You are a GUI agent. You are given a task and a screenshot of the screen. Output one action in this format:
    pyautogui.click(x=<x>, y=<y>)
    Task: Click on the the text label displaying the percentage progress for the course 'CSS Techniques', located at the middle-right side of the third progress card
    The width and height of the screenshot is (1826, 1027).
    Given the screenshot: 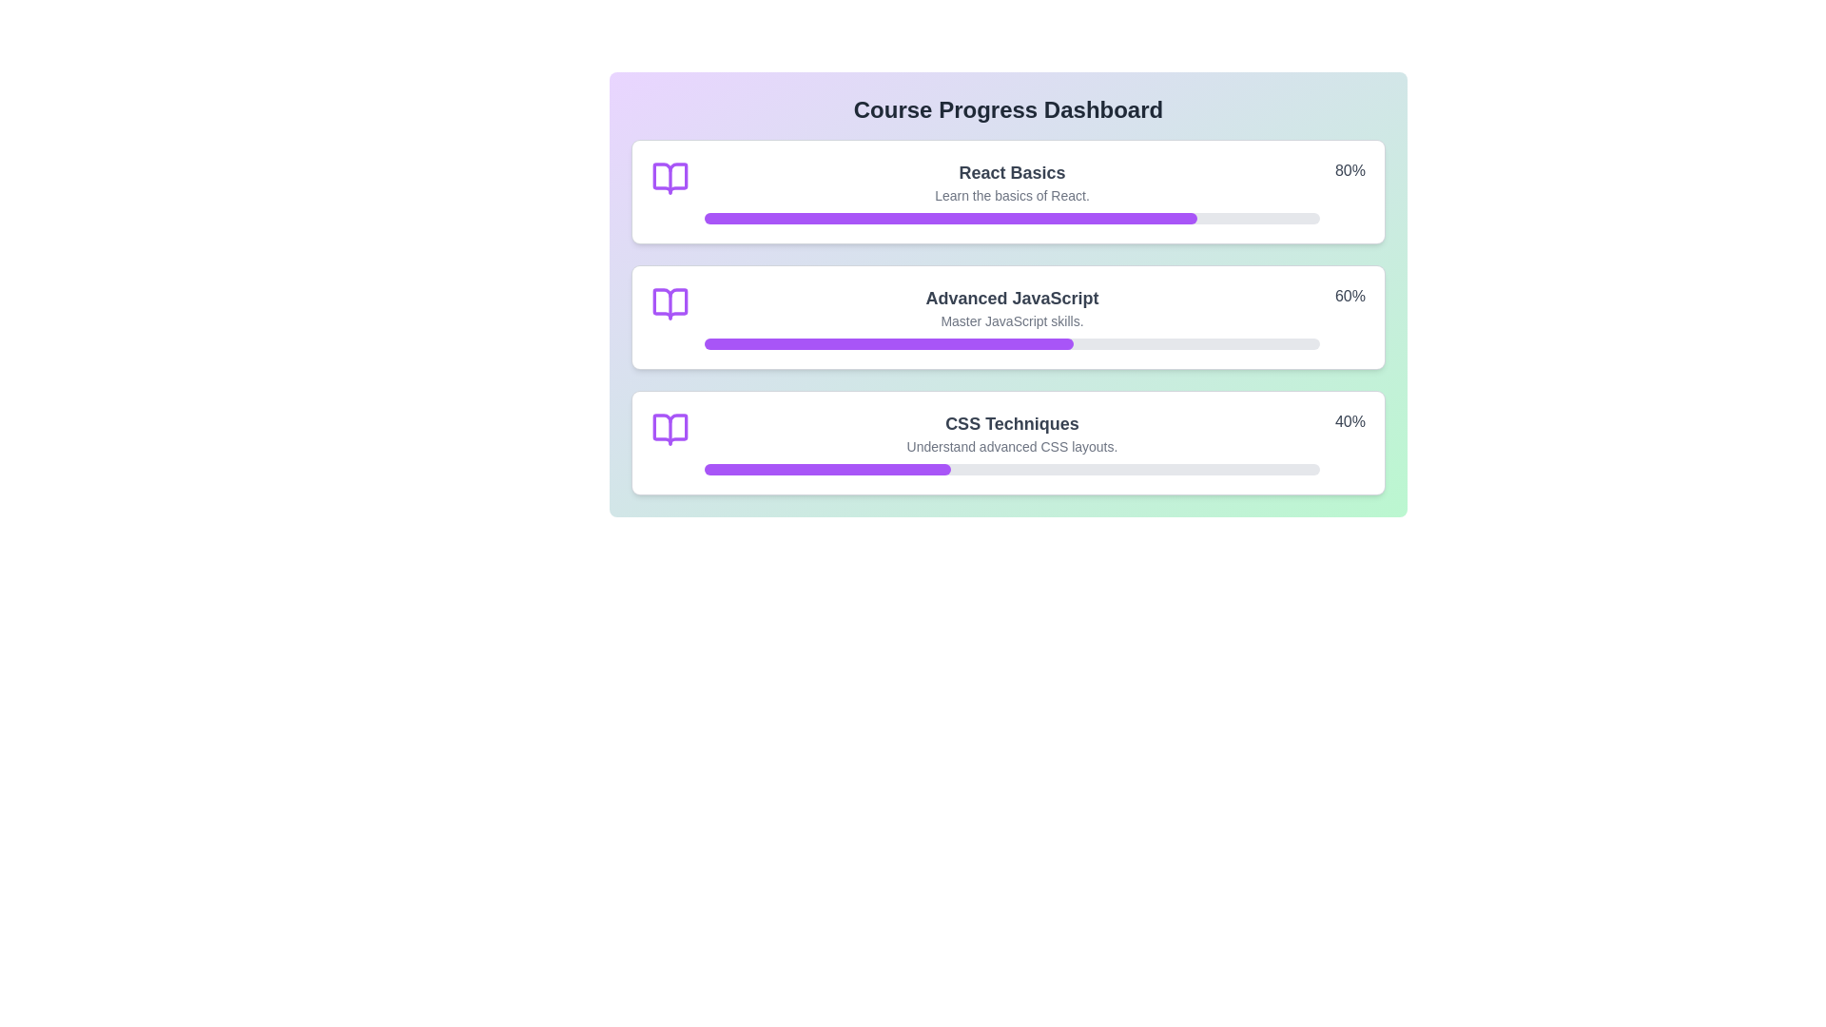 What is the action you would take?
    pyautogui.click(x=1350, y=420)
    